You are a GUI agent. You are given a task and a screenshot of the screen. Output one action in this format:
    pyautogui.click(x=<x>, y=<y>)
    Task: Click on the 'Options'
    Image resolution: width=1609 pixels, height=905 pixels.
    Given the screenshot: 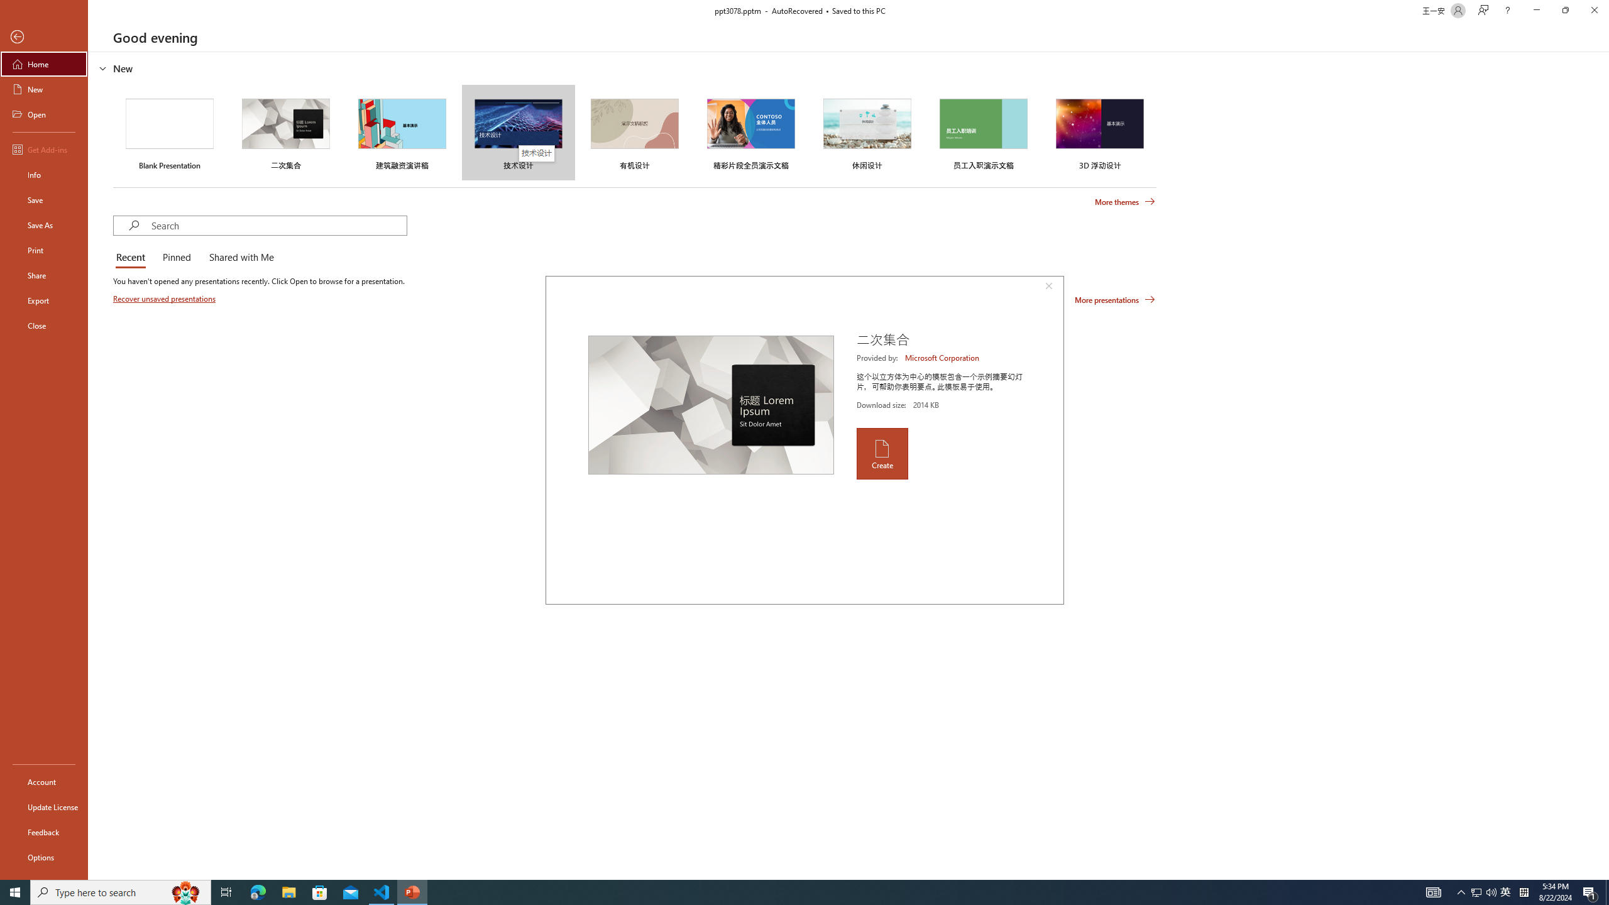 What is the action you would take?
    pyautogui.click(x=43, y=857)
    